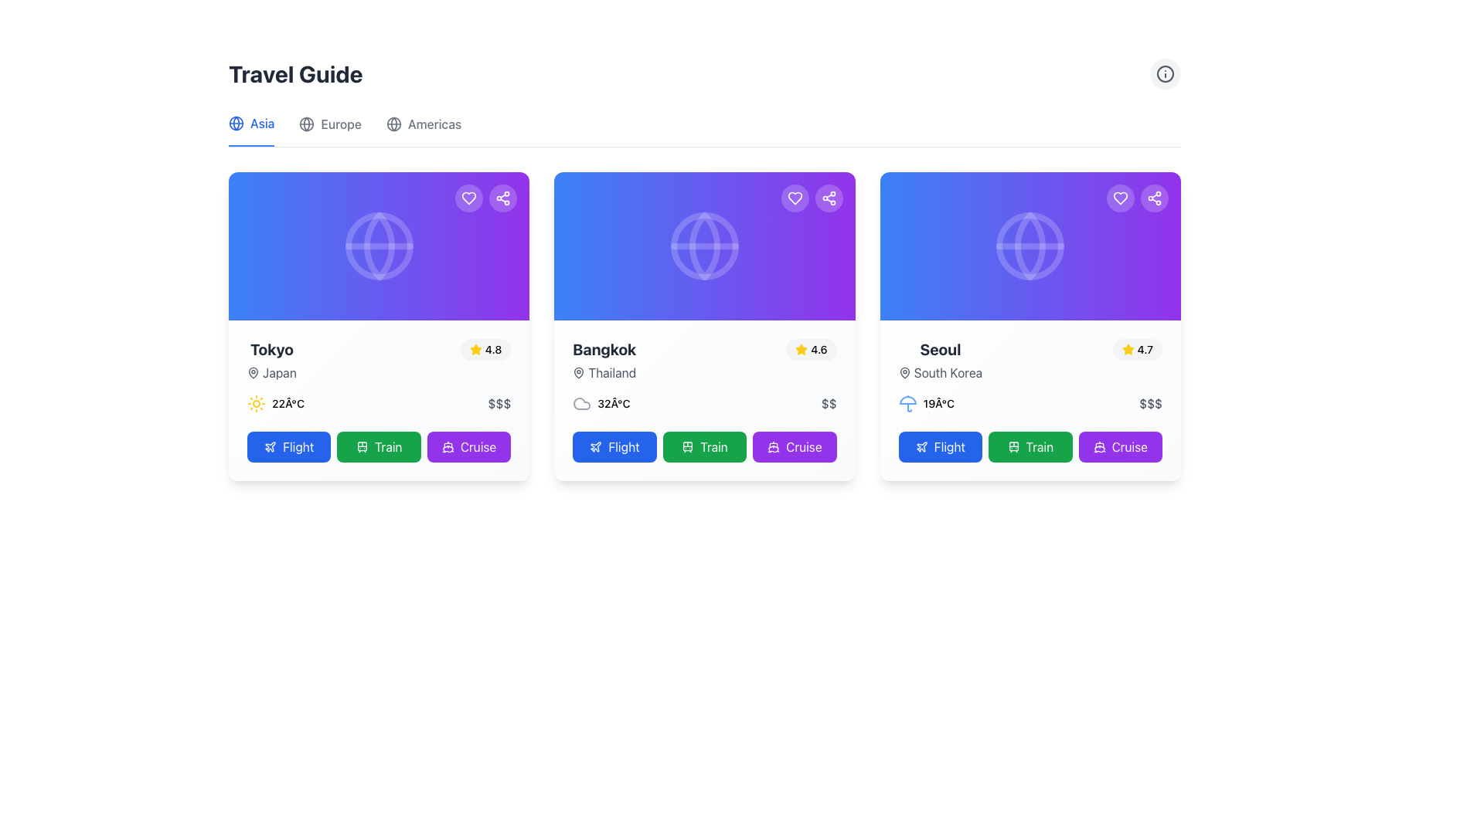 This screenshot has width=1484, height=834. Describe the element at coordinates (468, 198) in the screenshot. I see `the heart icon located at the top right corner of the 'Tokyo' card` at that location.